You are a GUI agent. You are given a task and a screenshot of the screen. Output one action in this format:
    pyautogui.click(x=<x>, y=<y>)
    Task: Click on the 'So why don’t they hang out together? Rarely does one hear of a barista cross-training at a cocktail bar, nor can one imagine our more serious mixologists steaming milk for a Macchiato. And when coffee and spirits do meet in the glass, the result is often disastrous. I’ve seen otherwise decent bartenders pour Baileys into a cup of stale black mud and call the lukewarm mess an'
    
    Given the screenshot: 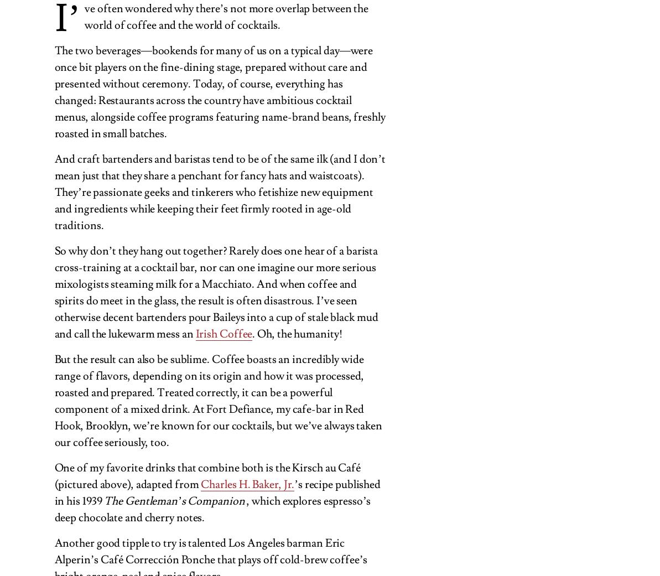 What is the action you would take?
    pyautogui.click(x=215, y=292)
    